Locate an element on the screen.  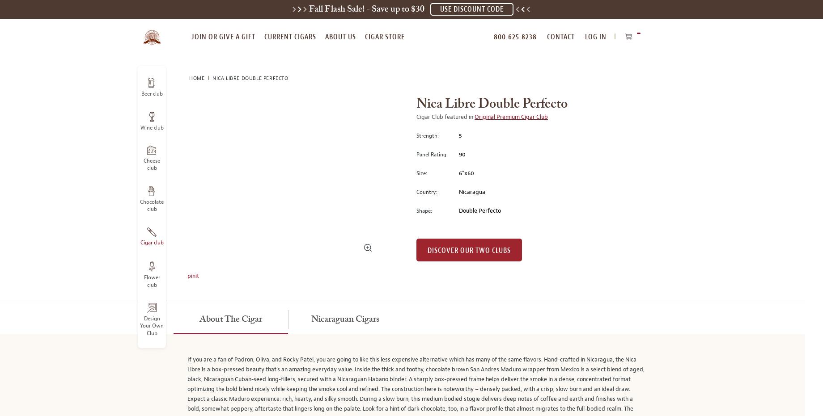
'Nicaragua' is located at coordinates (471, 191).